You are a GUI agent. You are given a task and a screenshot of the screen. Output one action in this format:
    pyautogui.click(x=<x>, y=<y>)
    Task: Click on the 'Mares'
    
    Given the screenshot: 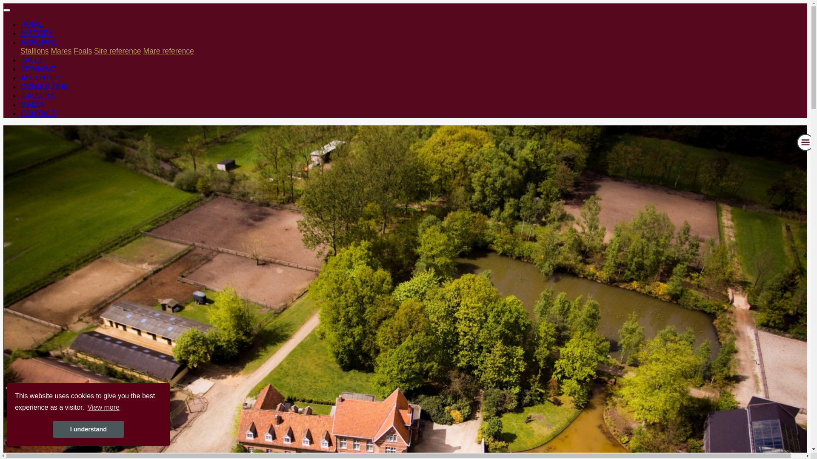 What is the action you would take?
    pyautogui.click(x=60, y=51)
    